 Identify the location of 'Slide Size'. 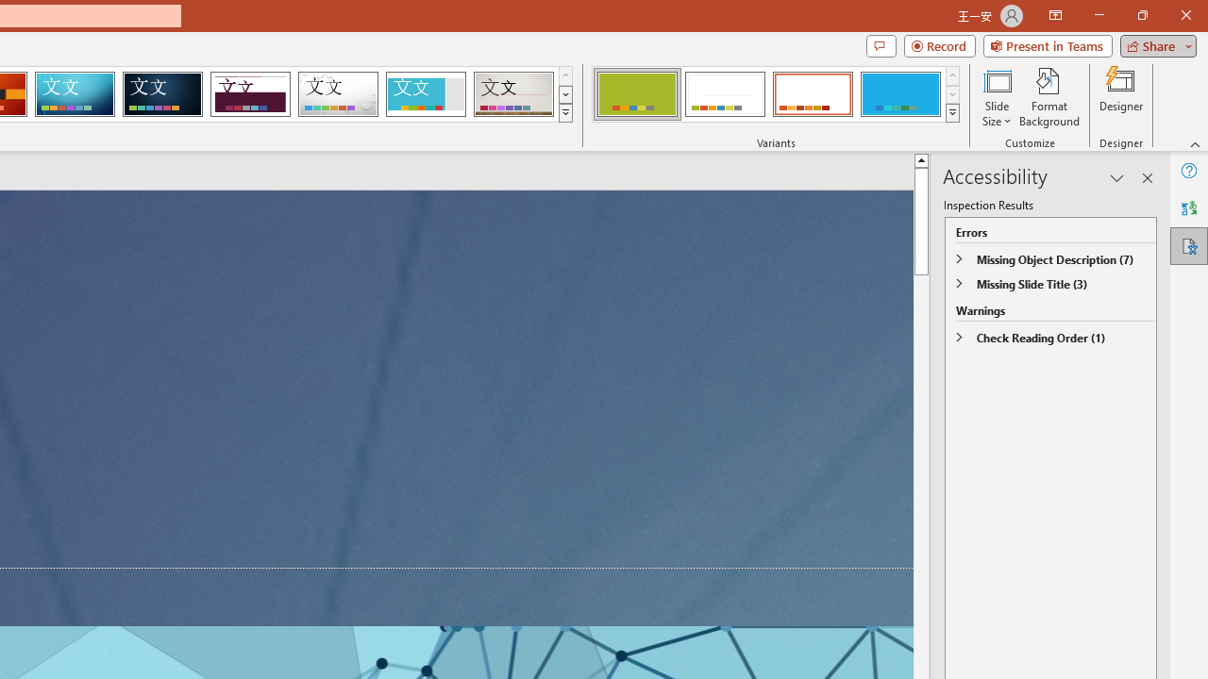
(996, 97).